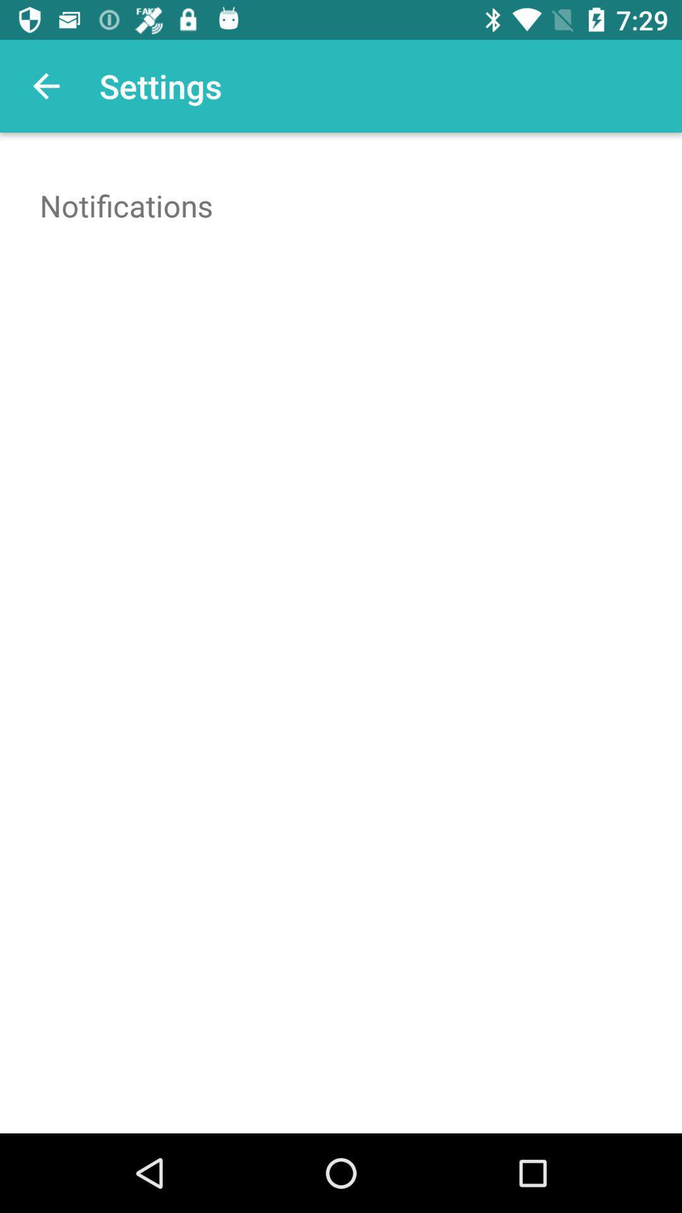 This screenshot has height=1213, width=682. I want to click on the icon to the left of settings item, so click(45, 85).